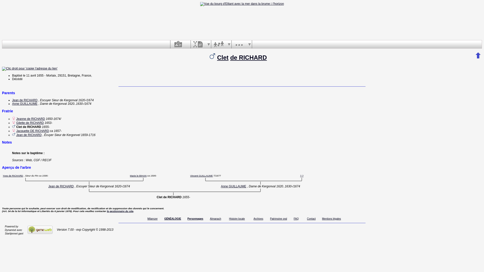 The height and width of the screenshot is (272, 484). I want to click on 'Gilette de RICHARD', so click(29, 123).